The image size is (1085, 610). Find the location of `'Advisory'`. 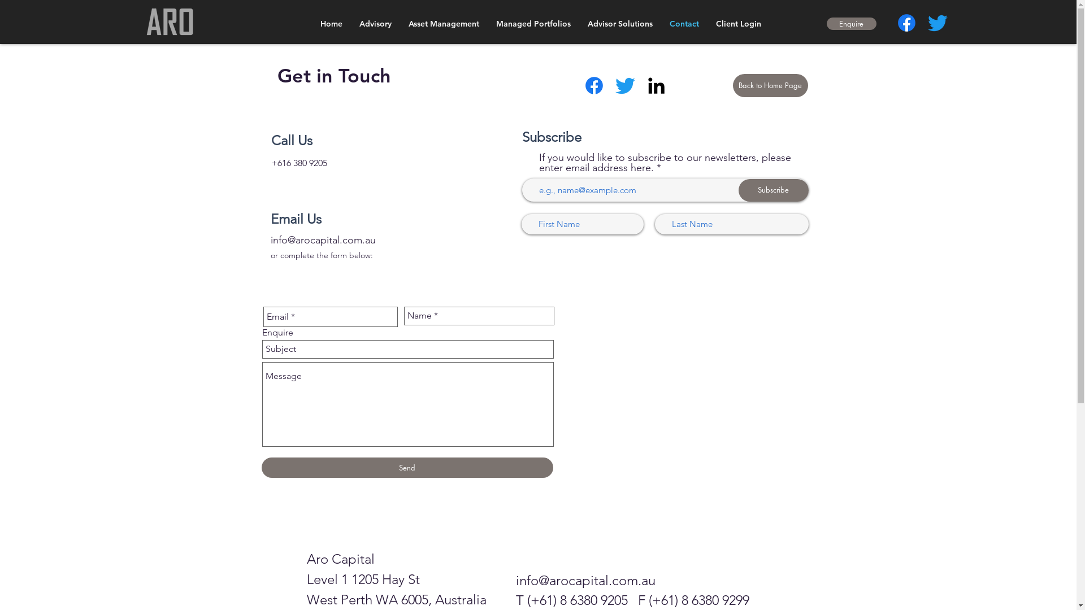

'Advisory' is located at coordinates (375, 24).